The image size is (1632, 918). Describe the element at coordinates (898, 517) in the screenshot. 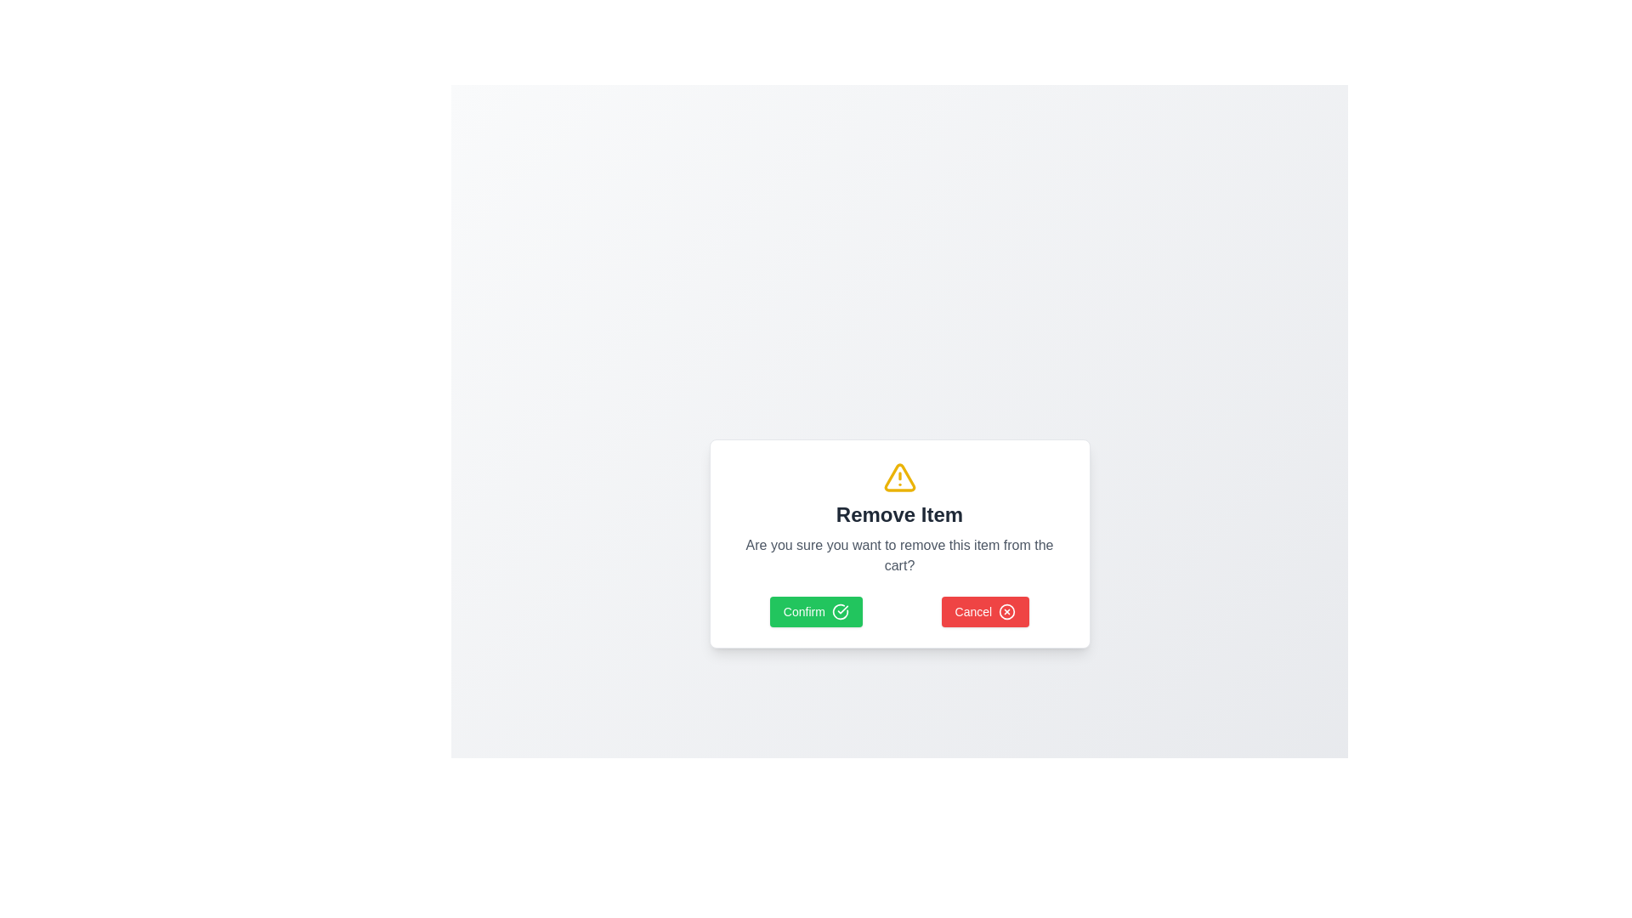

I see `the TextBlock that contains the warning icon and the text 'Remove Item', which is prominently displayed at the top with a confirmation message below it` at that location.